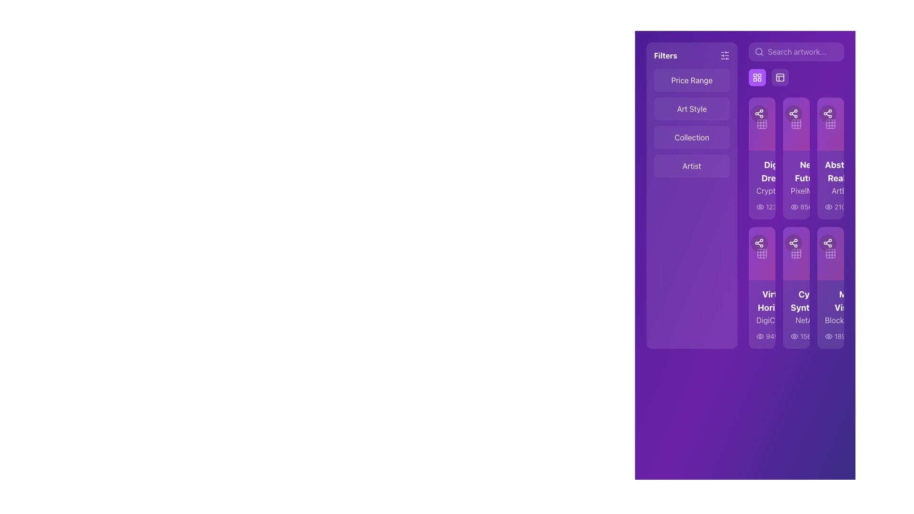 This screenshot has height=514, width=914. Describe the element at coordinates (796, 158) in the screenshot. I see `the second Card Component in the gallery` at that location.